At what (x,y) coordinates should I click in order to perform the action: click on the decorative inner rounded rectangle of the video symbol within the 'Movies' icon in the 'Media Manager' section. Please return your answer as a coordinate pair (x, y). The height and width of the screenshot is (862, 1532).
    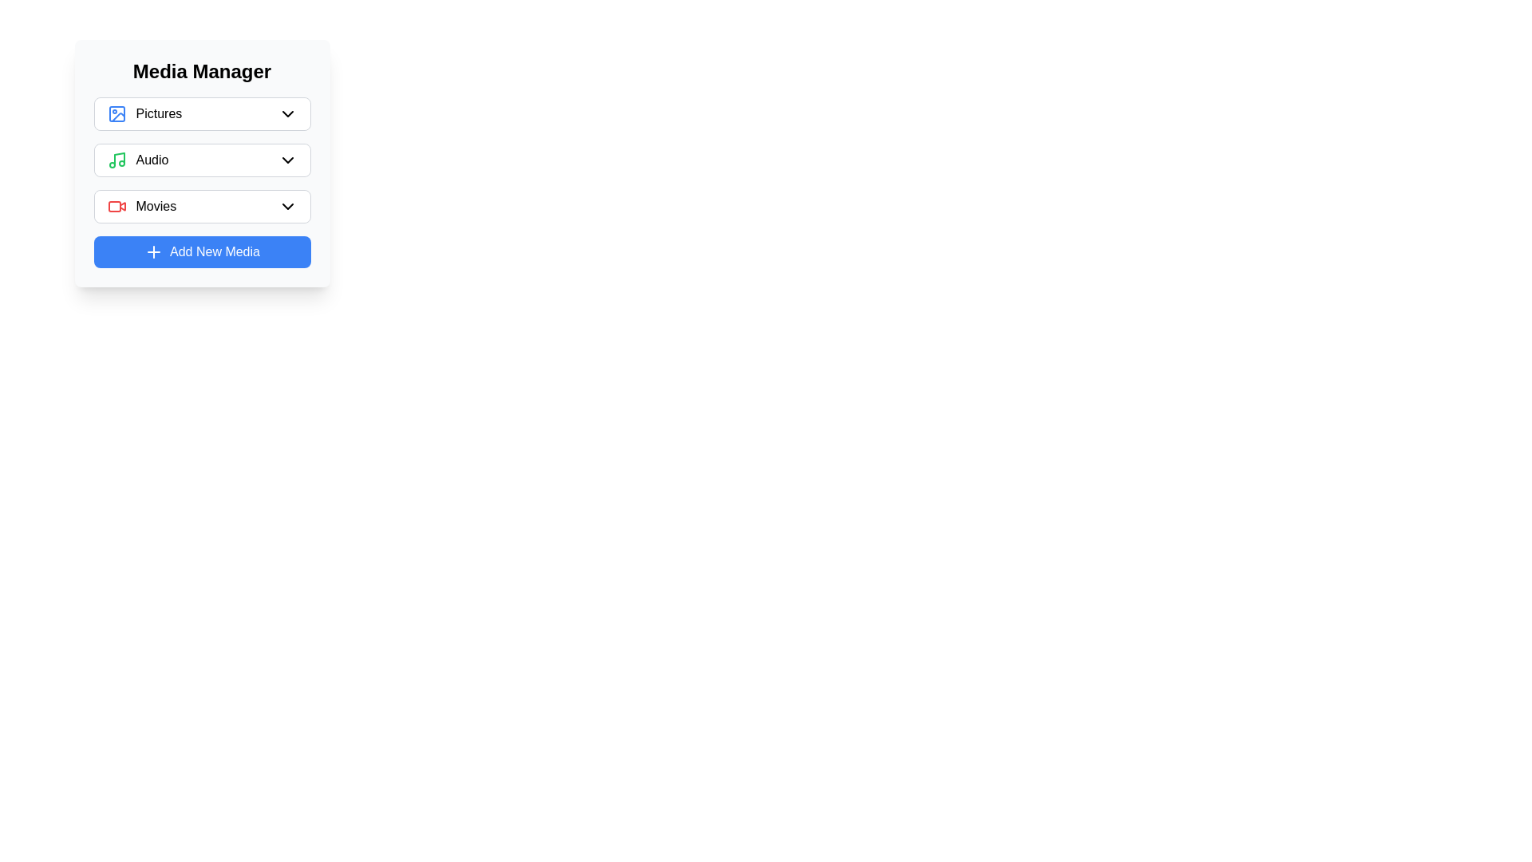
    Looking at the image, I should click on (113, 205).